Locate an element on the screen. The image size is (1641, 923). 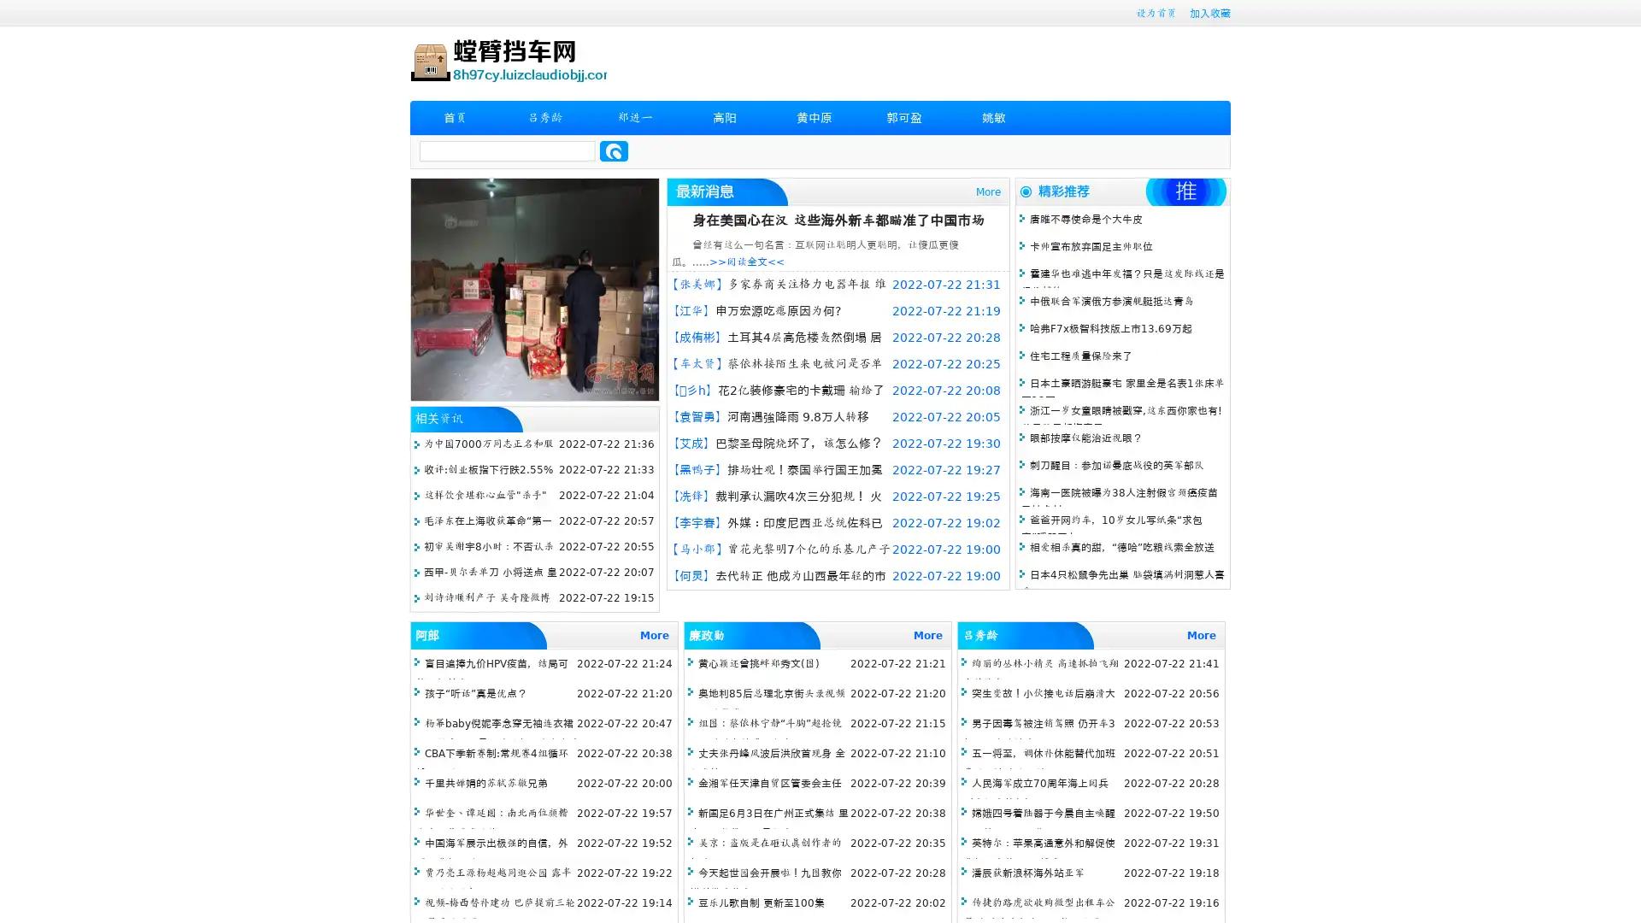
Search is located at coordinates (614, 150).